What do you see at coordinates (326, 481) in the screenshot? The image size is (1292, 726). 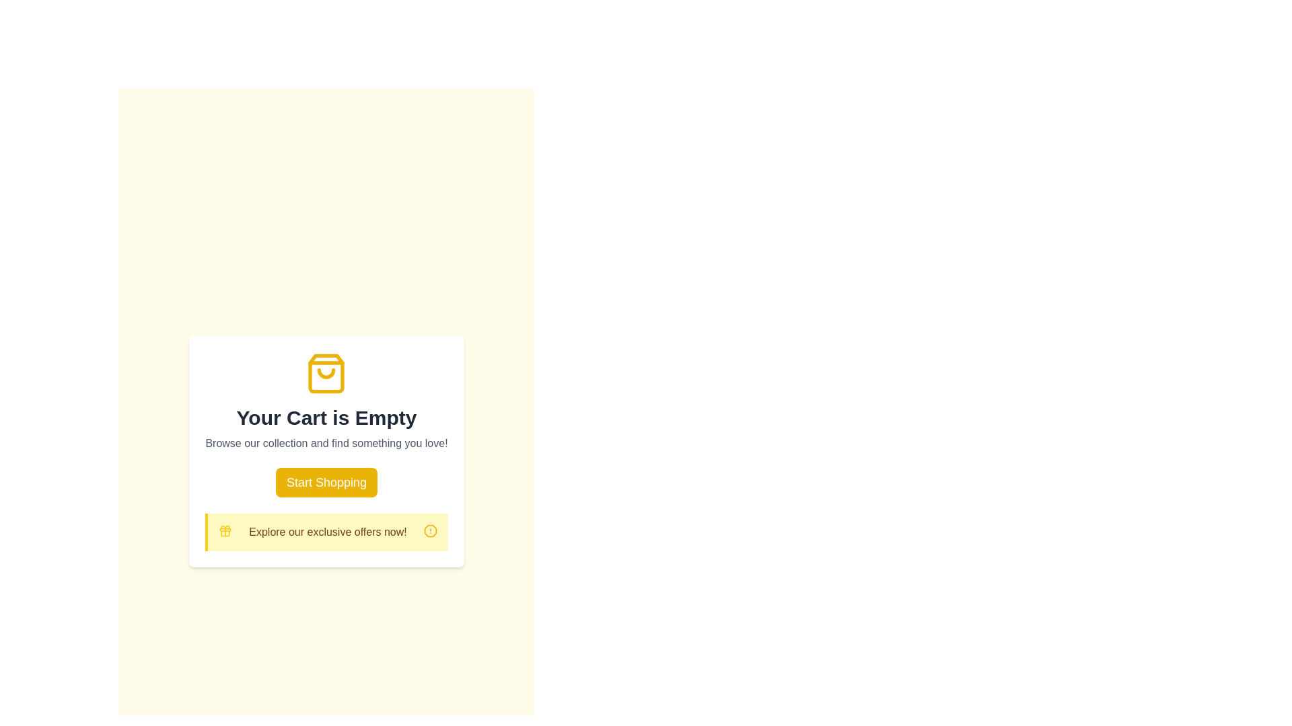 I see `the button that redirects users to the shopping page located at the bottom of the card layout` at bounding box center [326, 481].